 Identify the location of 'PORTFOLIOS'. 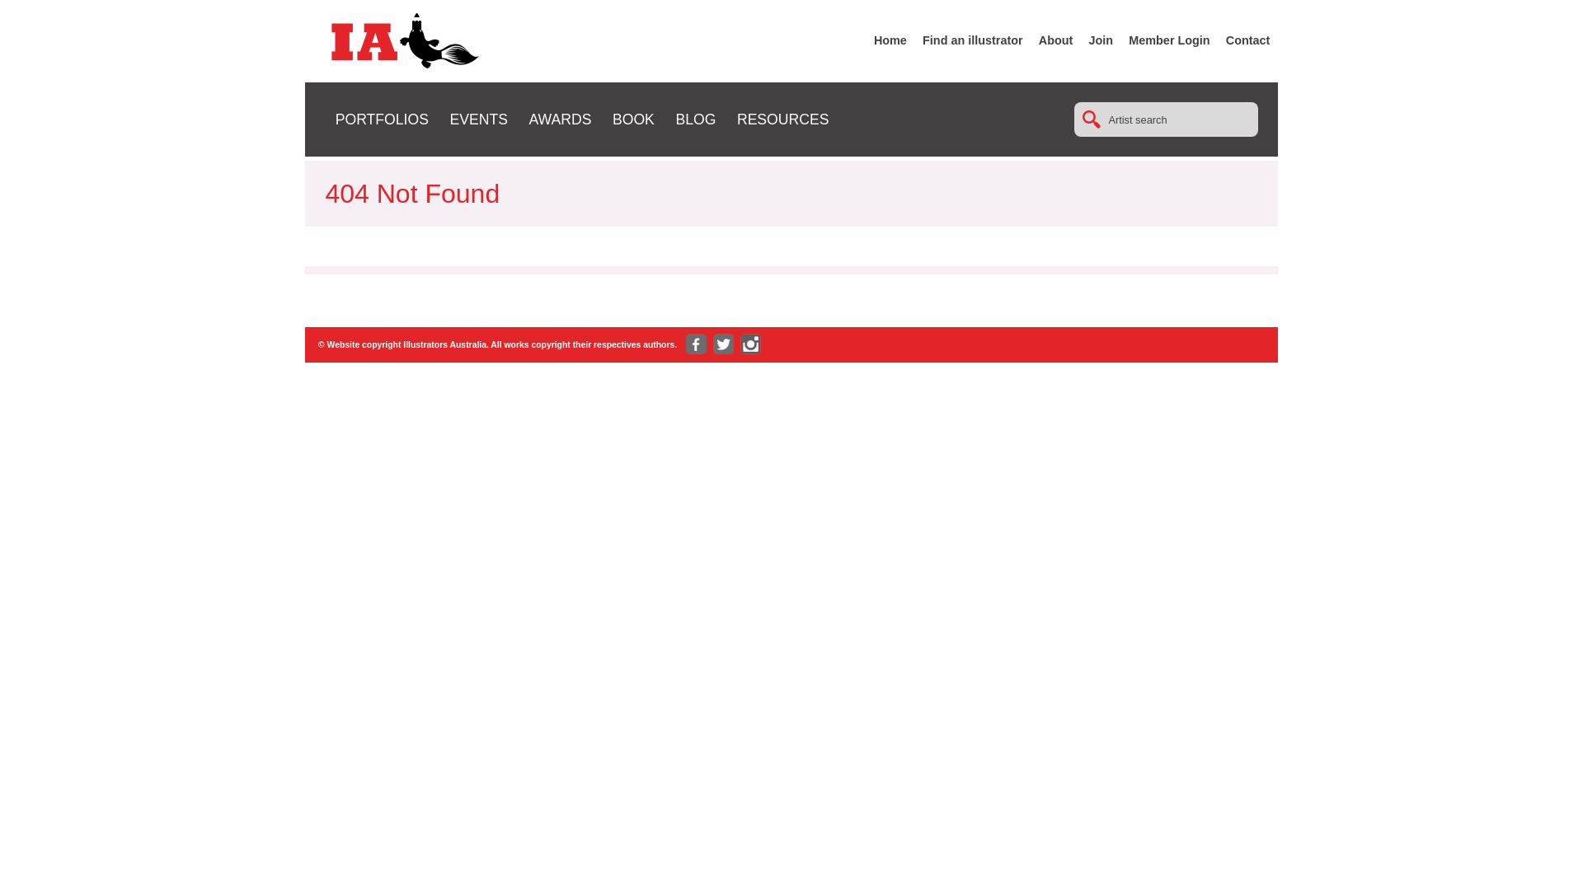
(381, 119).